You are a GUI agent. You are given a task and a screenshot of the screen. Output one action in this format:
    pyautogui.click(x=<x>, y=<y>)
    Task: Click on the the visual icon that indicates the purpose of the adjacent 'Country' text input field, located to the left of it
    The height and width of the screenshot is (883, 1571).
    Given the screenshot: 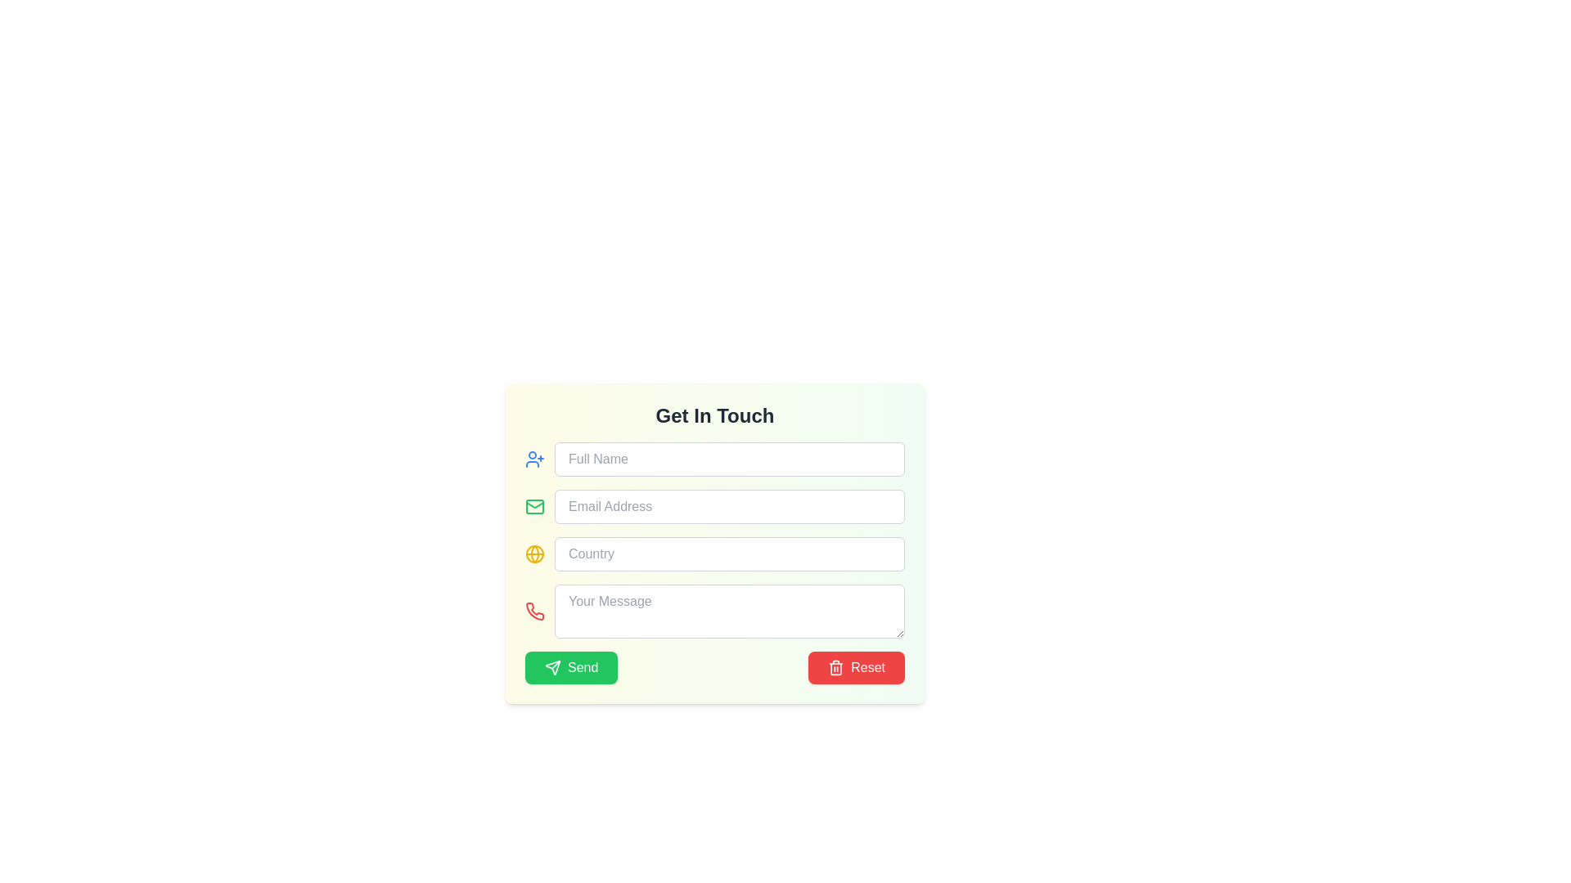 What is the action you would take?
    pyautogui.click(x=534, y=554)
    